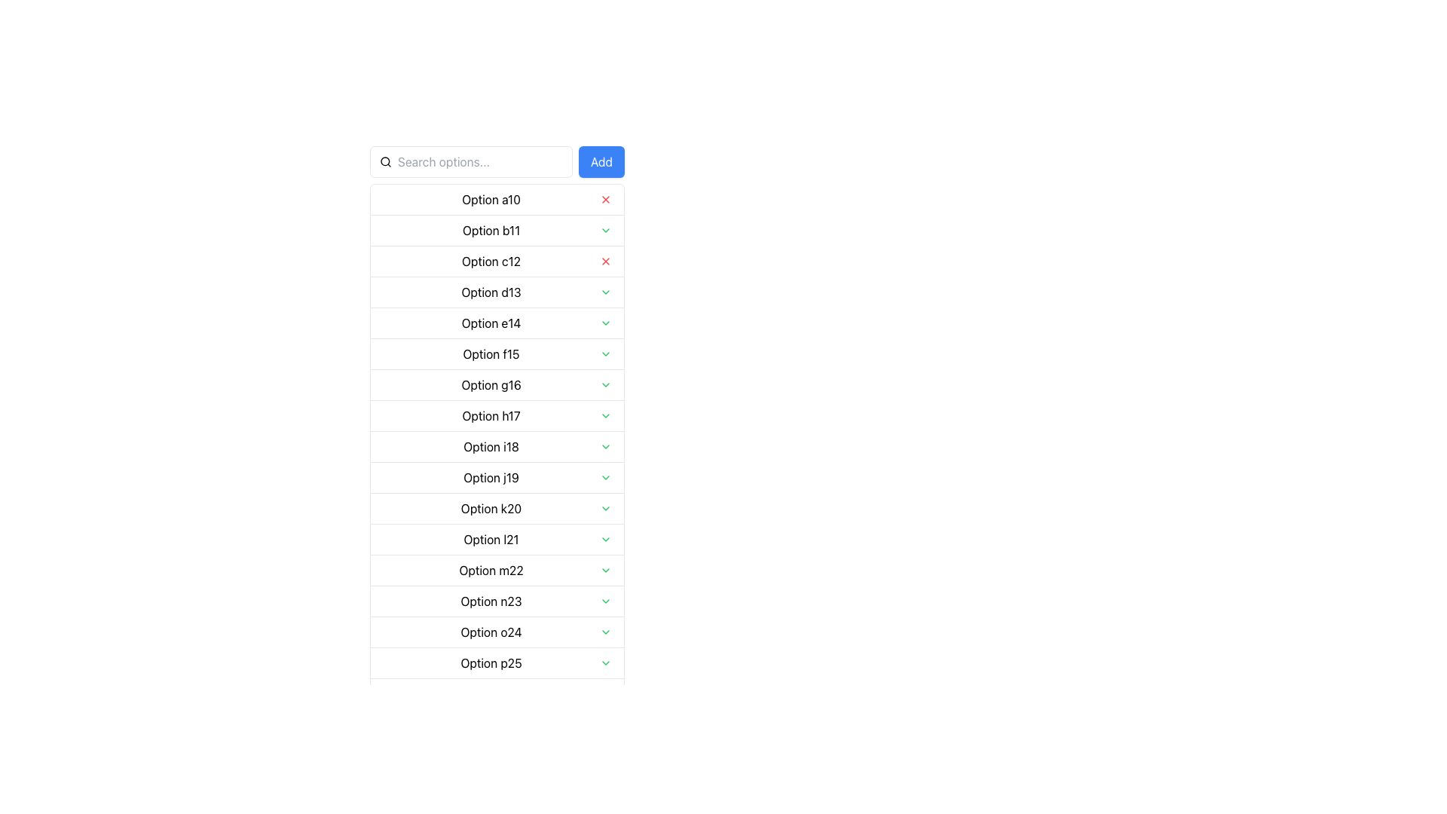 Image resolution: width=1447 pixels, height=814 pixels. What do you see at coordinates (606, 601) in the screenshot?
I see `the small green downward-pointing chevron icon located to the right of the 'Option n23' text label` at bounding box center [606, 601].